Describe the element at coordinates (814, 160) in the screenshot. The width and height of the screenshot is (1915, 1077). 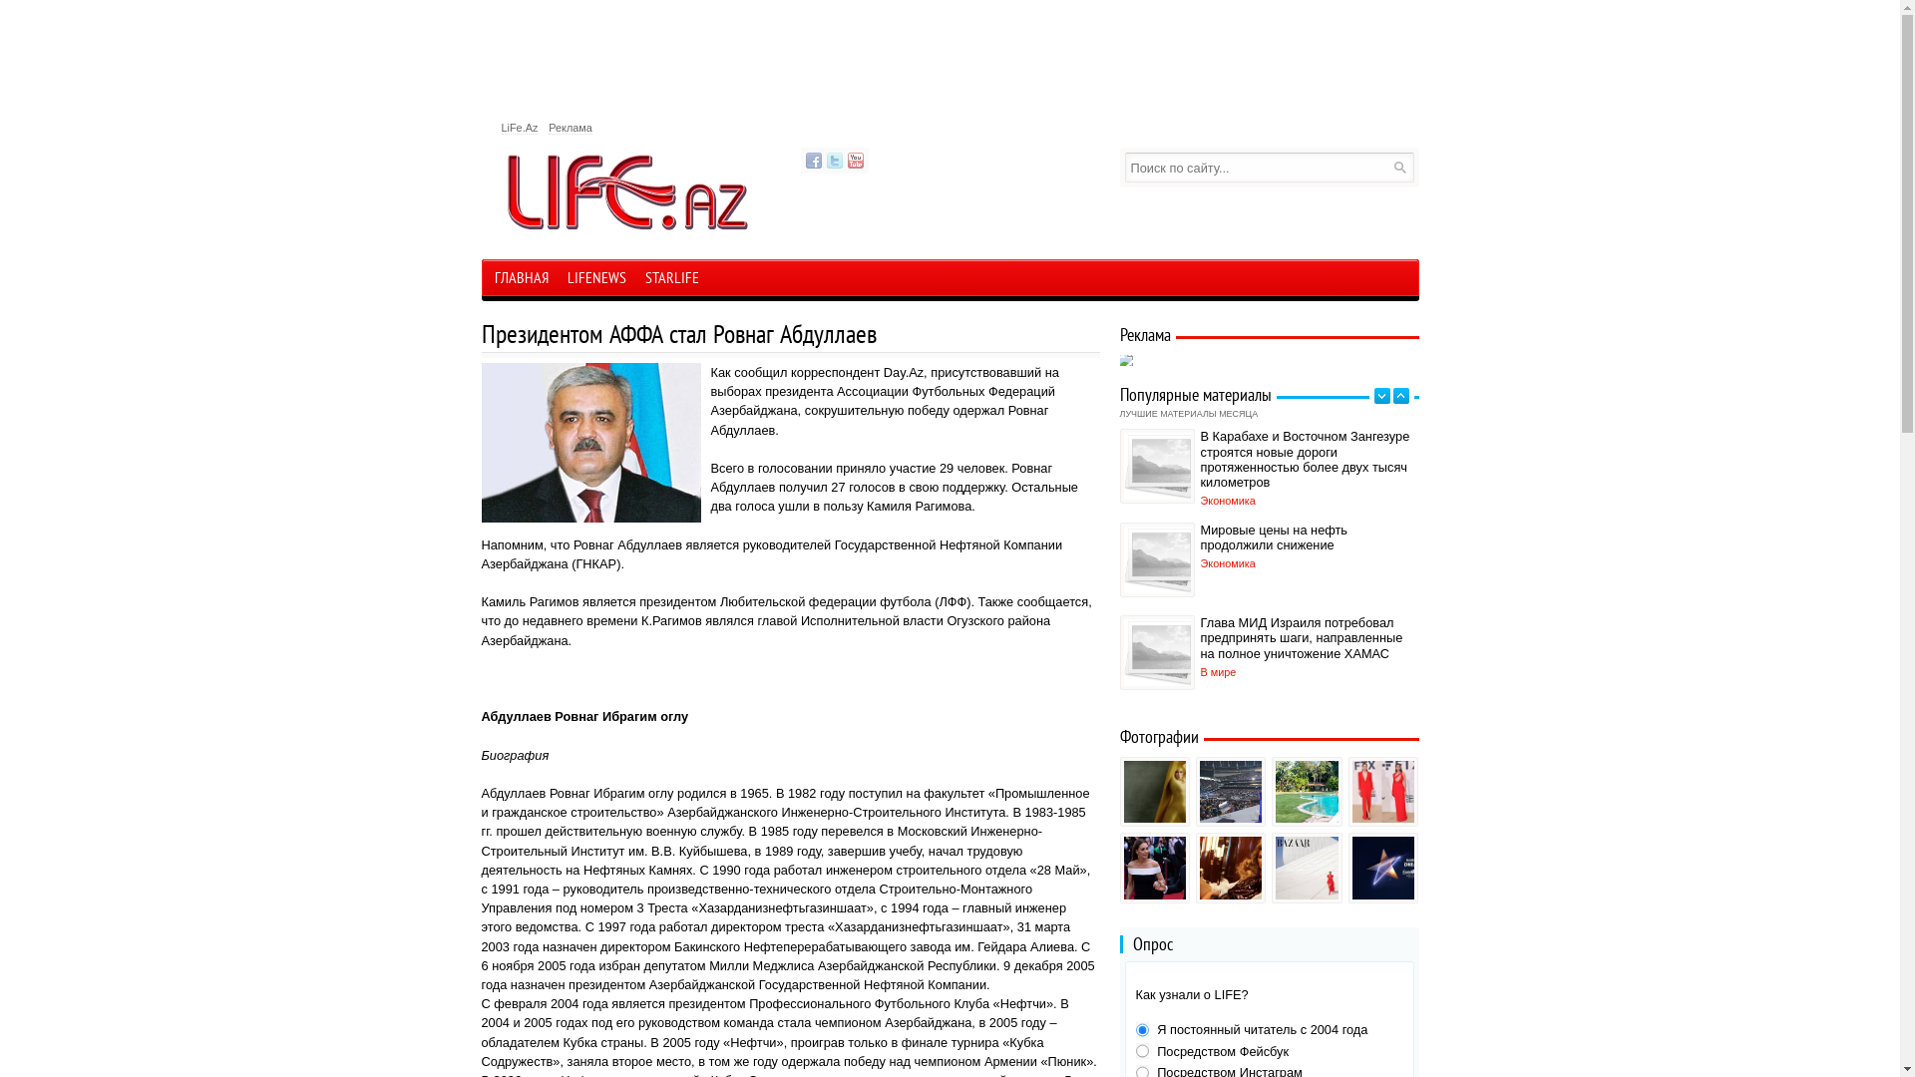
I see `'Facebook'` at that location.